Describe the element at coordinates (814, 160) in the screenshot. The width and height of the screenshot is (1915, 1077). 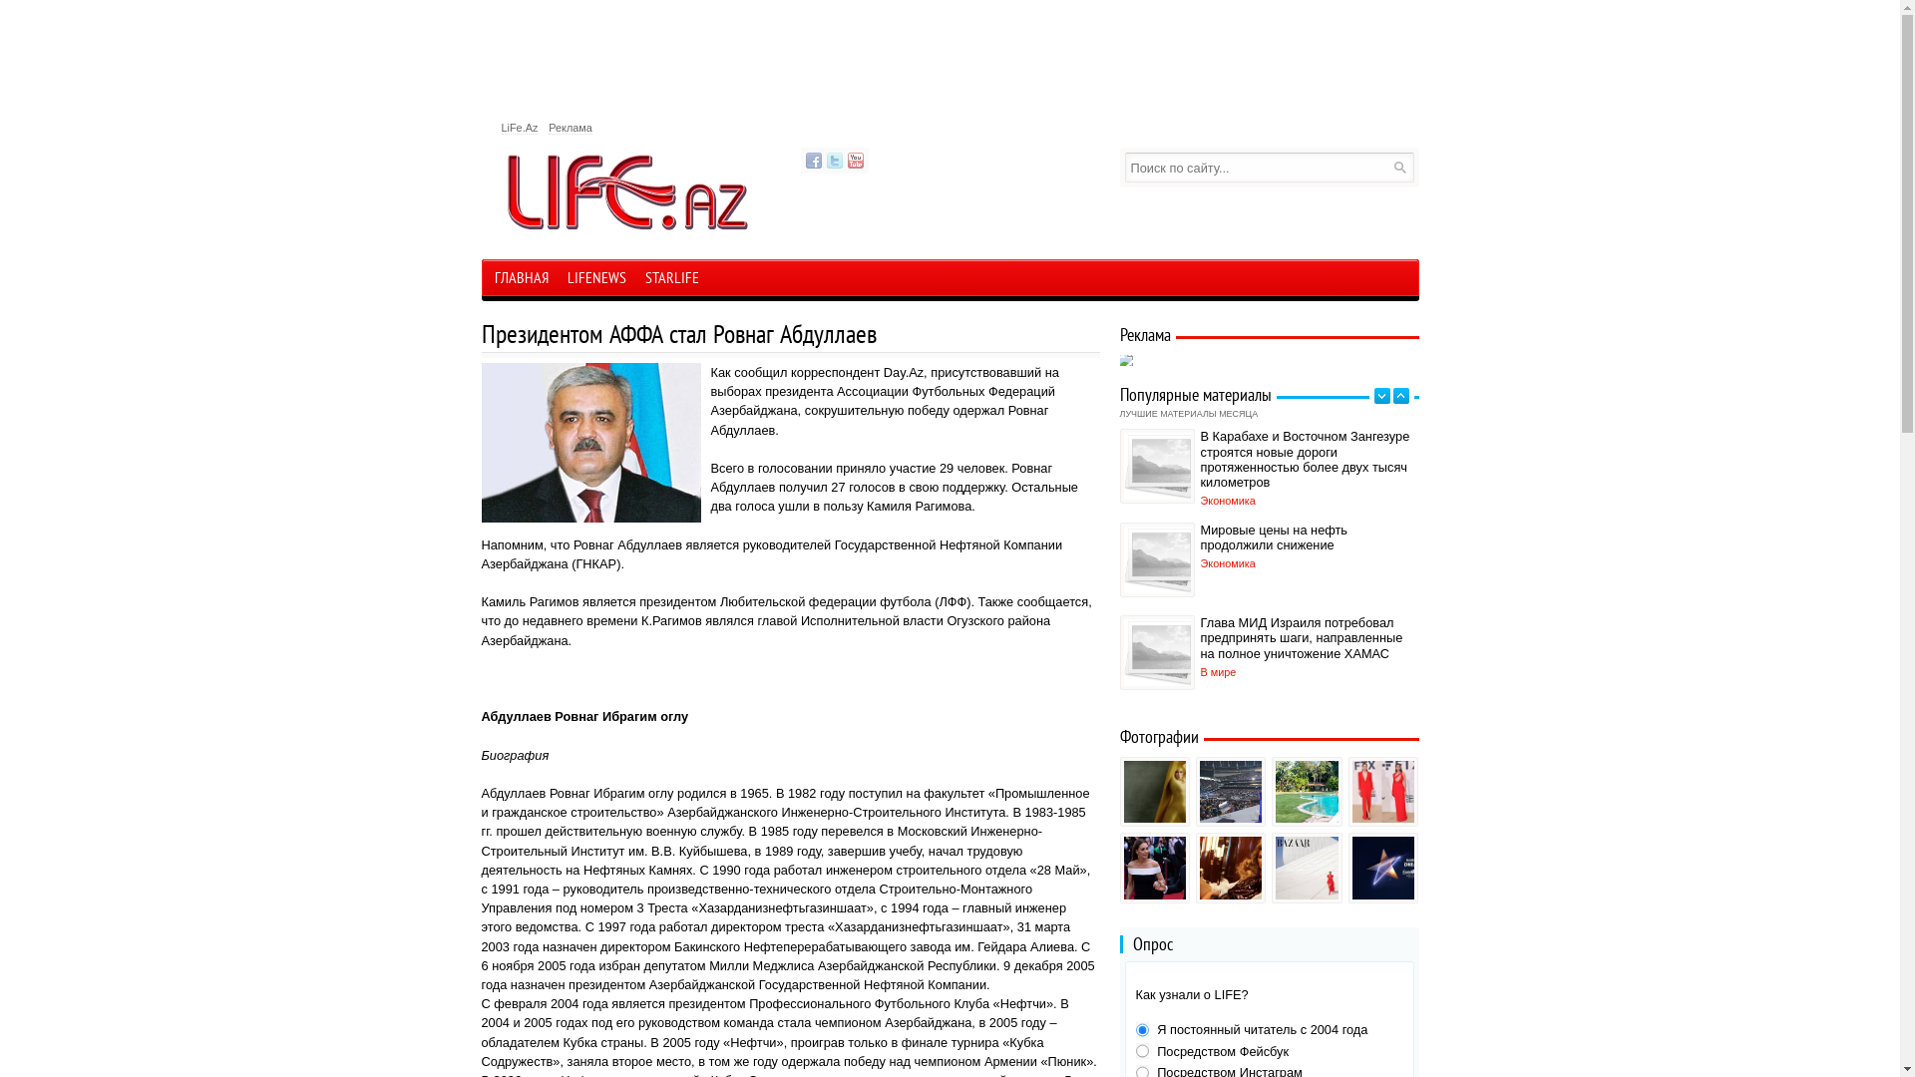
I see `'Facebook'` at that location.